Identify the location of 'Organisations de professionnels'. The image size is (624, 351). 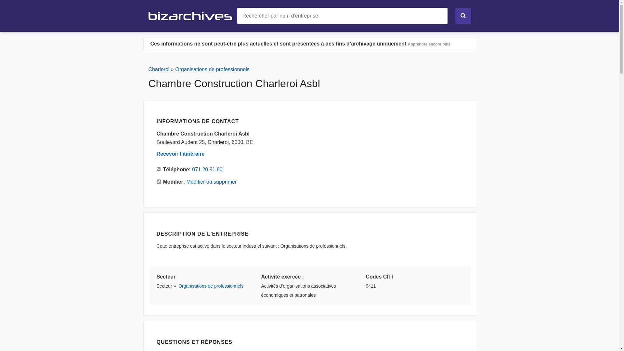
(212, 69).